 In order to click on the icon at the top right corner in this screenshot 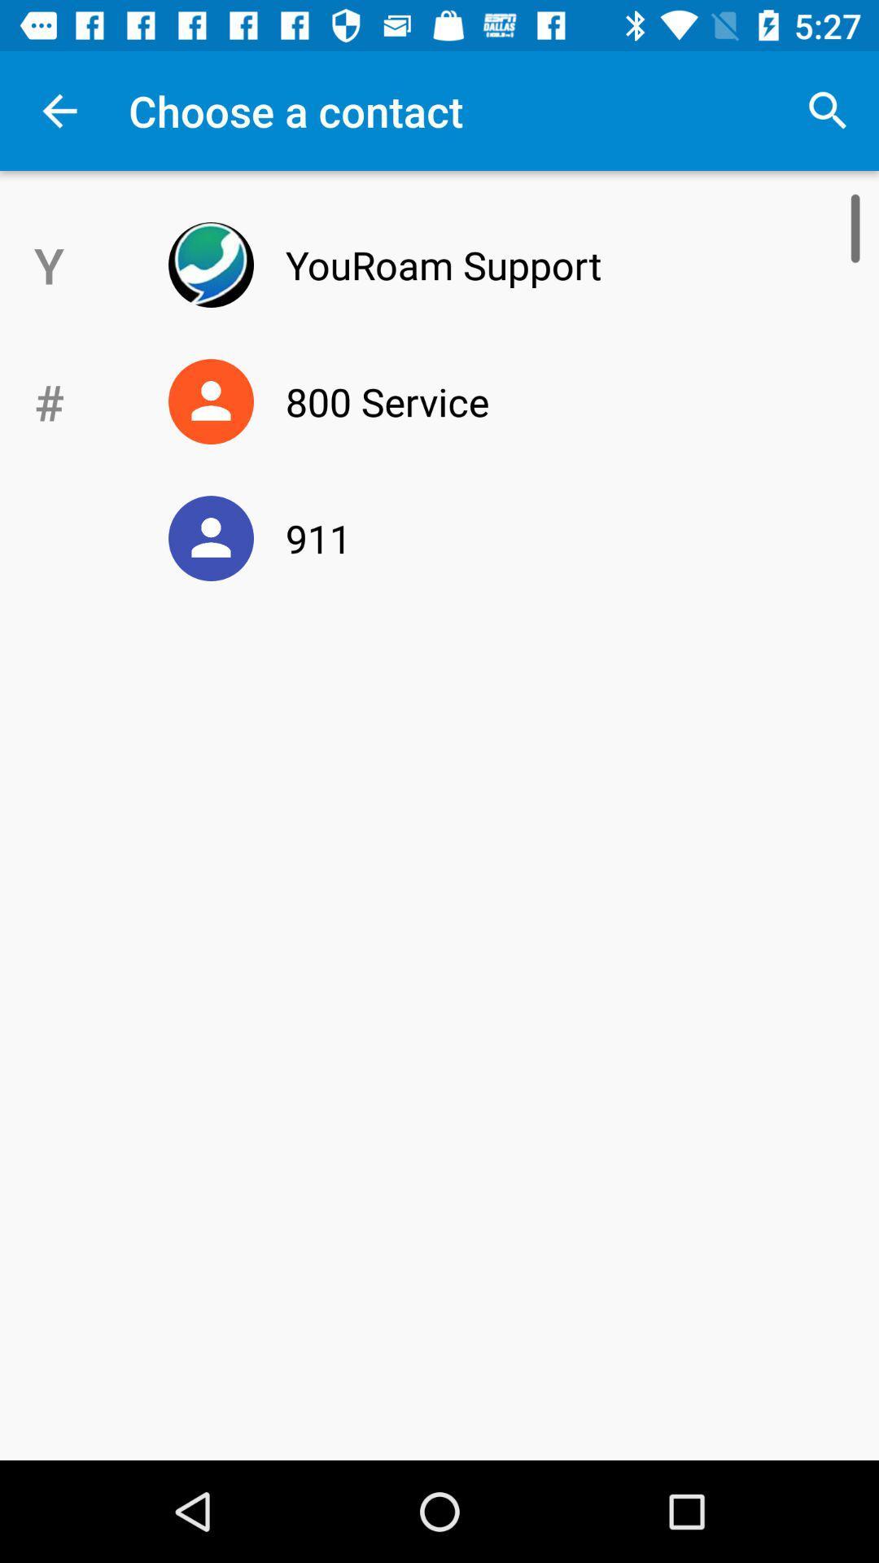, I will do `click(828, 110)`.